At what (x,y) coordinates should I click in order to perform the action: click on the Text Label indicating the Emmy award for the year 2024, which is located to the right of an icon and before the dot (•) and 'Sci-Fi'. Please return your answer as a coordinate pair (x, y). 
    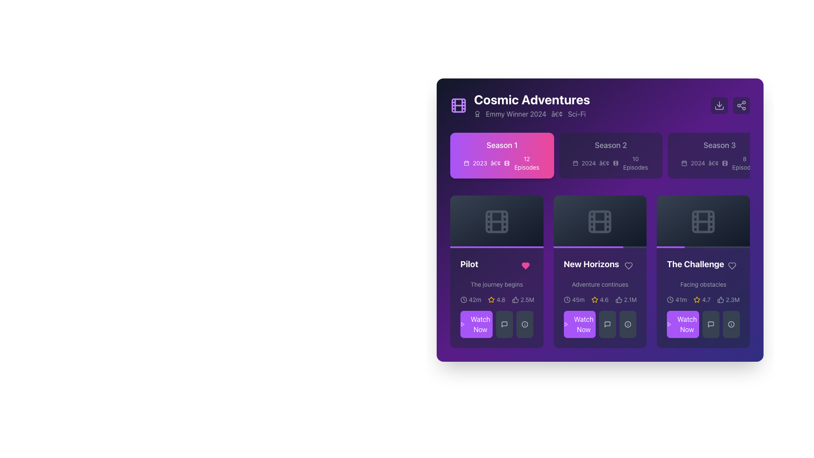
    Looking at the image, I should click on (516, 114).